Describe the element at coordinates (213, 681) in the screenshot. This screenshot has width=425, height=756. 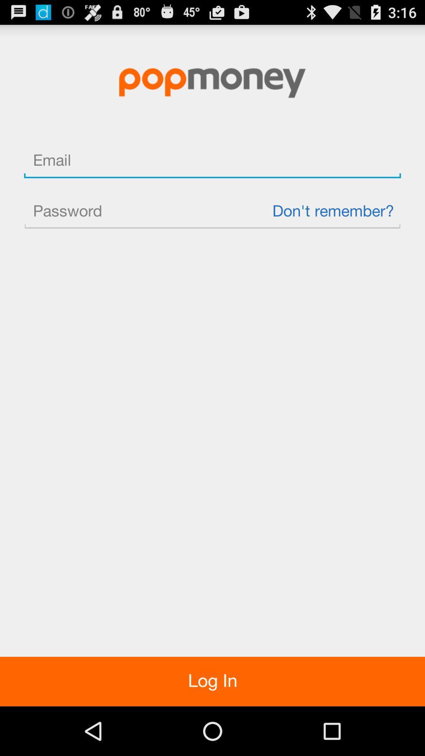
I see `item at the bottom` at that location.